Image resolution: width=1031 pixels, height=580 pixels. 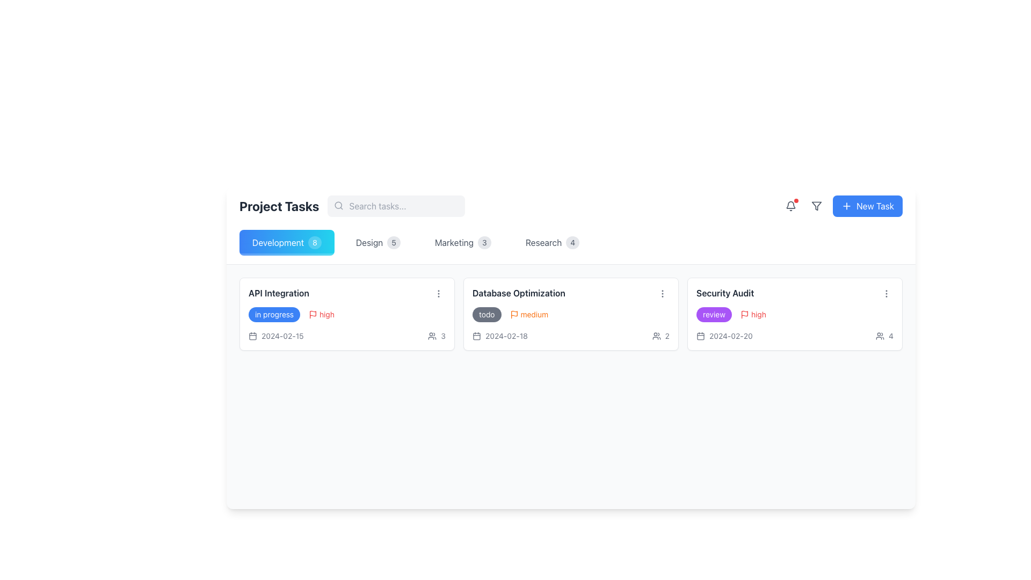 I want to click on the text and icon combination displaying the deadline or relevant date for the 'Database Optimization' task, located in the bottom left section of the task card, so click(x=499, y=335).